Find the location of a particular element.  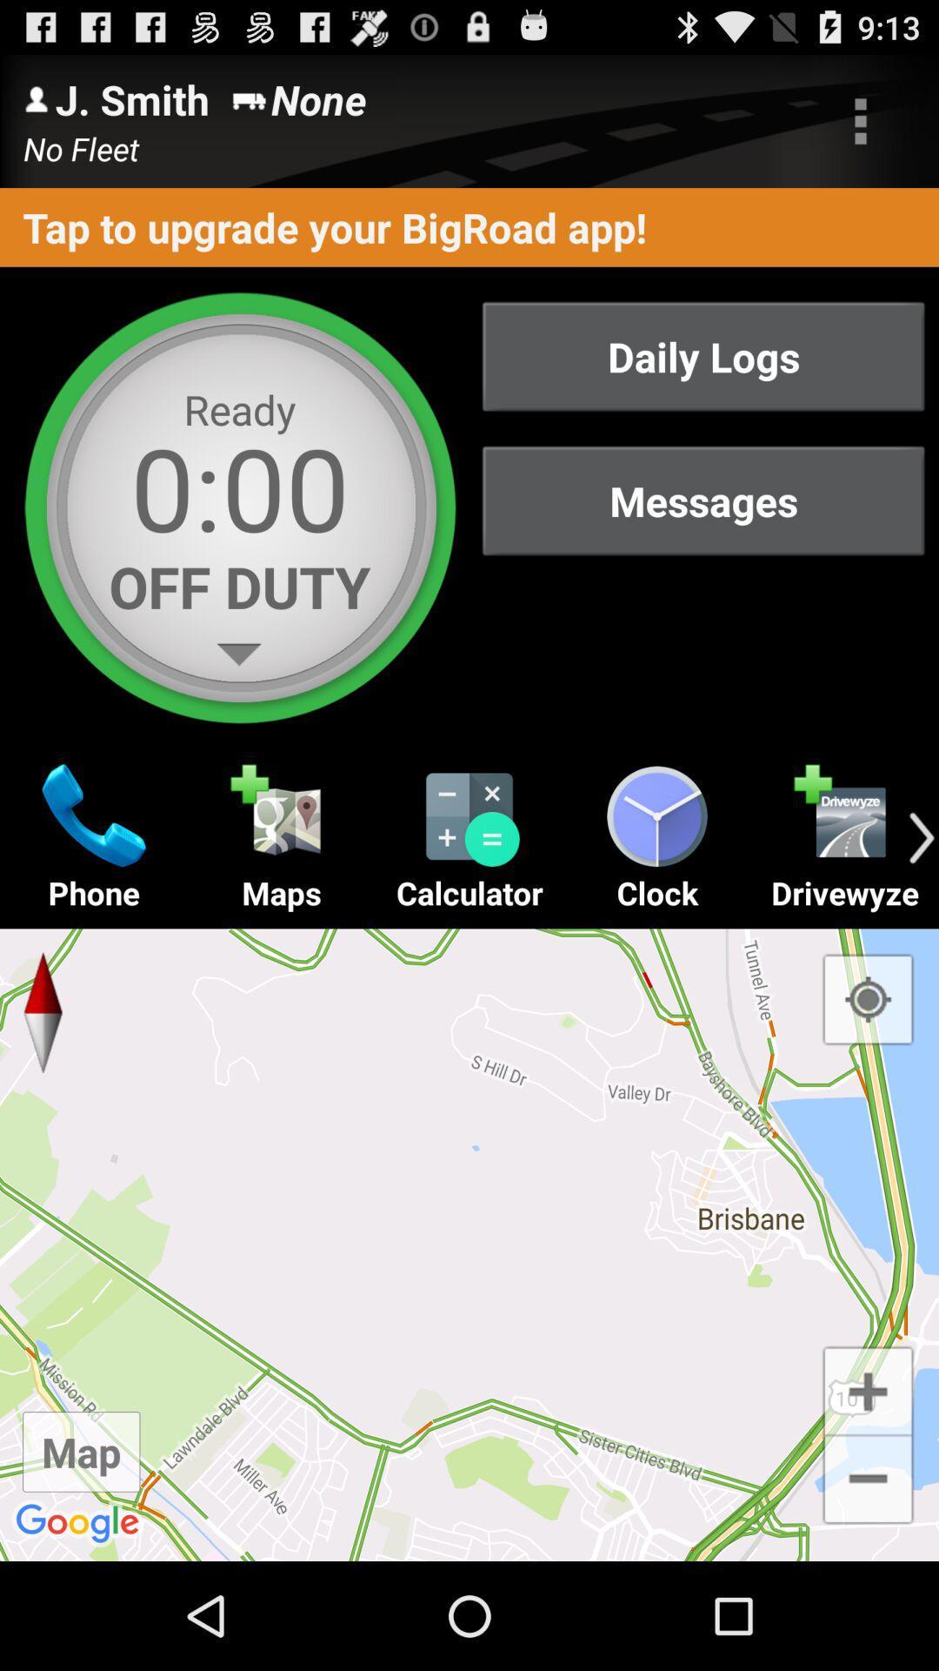

zoom is located at coordinates (868, 1388).